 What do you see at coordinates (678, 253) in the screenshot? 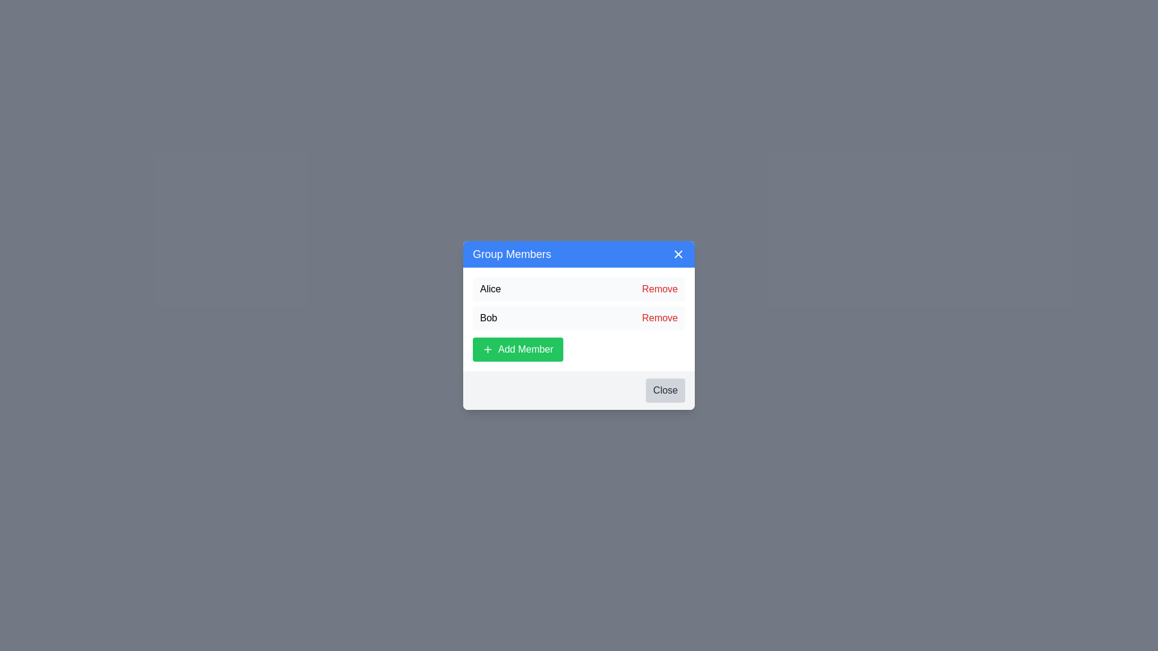
I see `the close icon located in the top-right corner of the blue header bar titled 'Group Members'` at bounding box center [678, 253].